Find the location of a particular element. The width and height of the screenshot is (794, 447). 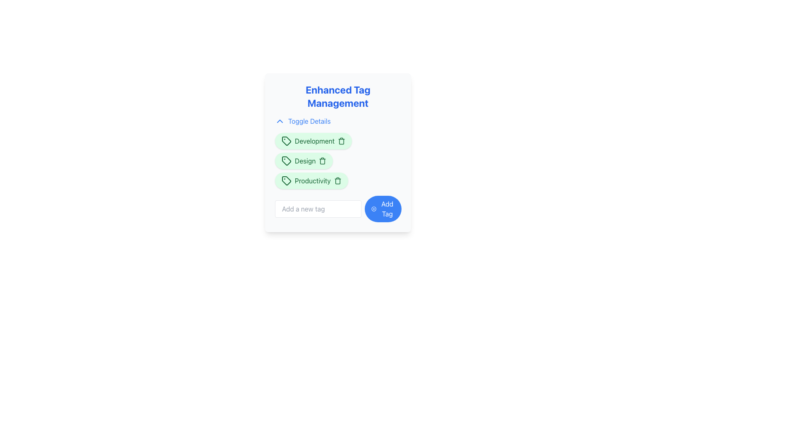

the green trash icon button within the 'Development' tag component is located at coordinates (342, 140).